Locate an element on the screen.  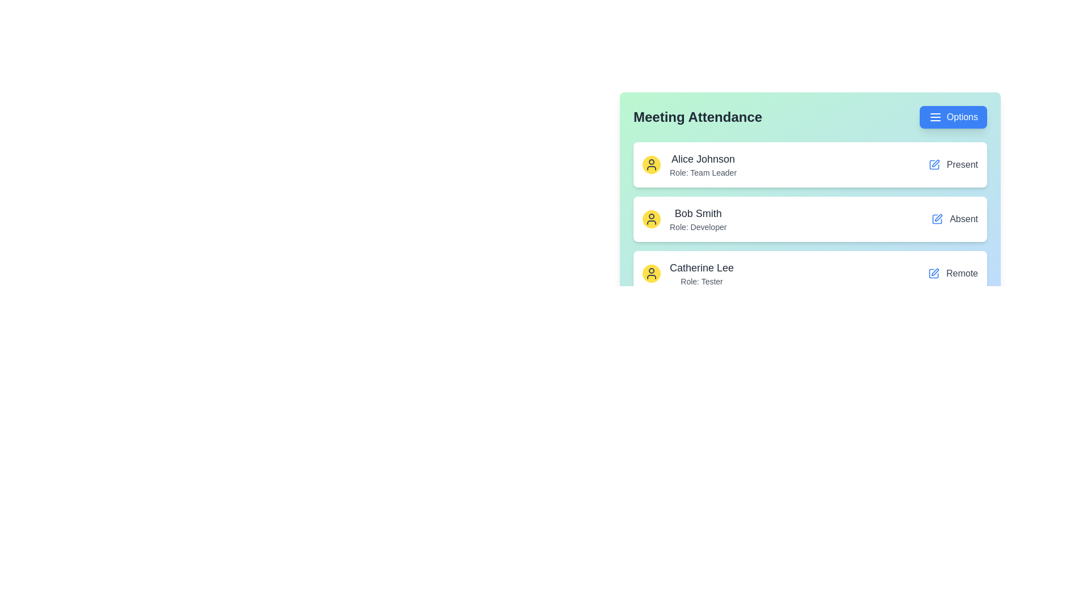
the attendance status text label in the topmost row of the Meeting Attendance section, which is horizontally aligned with the edit icon to its left is located at coordinates (962, 164).